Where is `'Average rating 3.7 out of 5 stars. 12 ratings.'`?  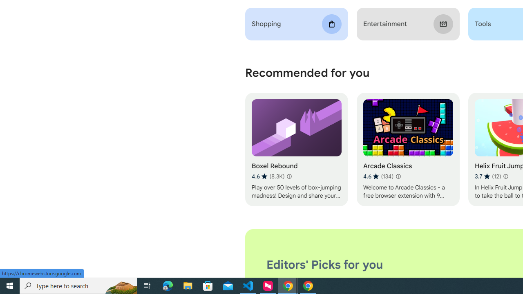 'Average rating 3.7 out of 5 stars. 12 ratings.' is located at coordinates (488, 176).